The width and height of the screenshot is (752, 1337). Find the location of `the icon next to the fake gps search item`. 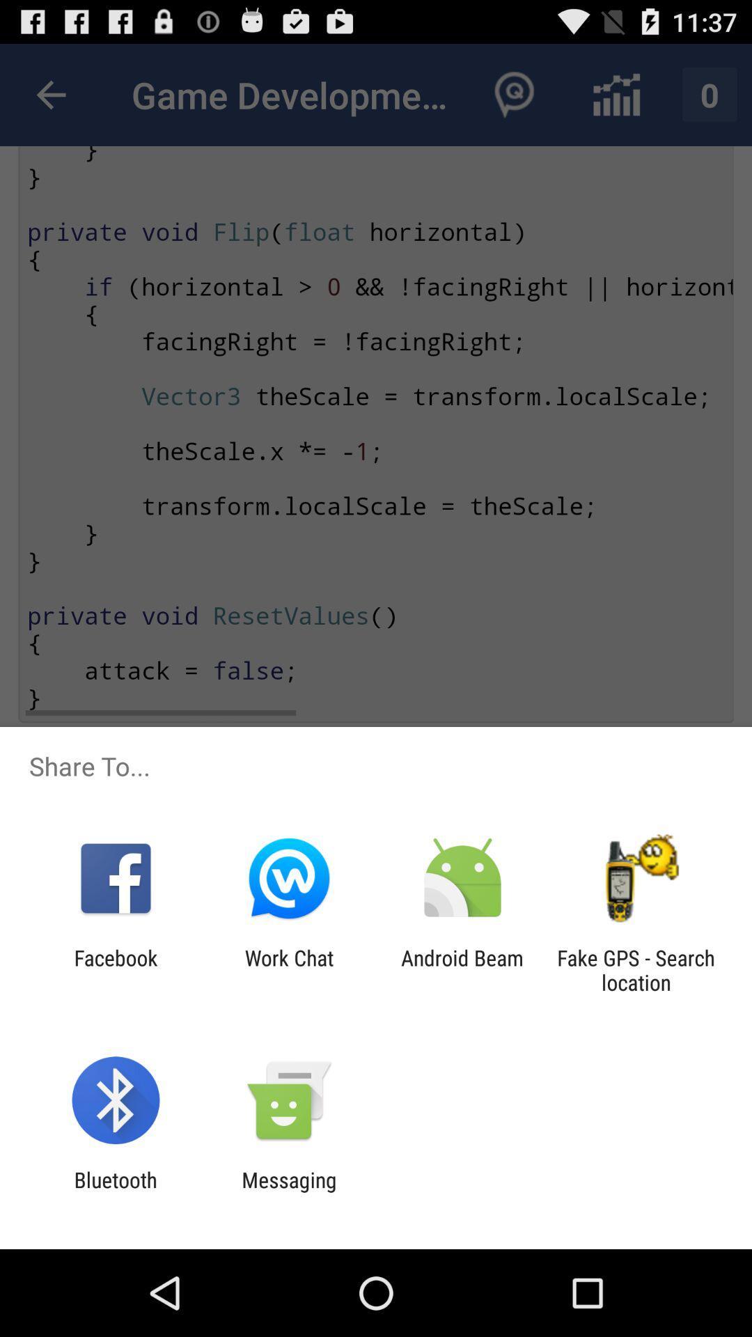

the icon next to the fake gps search item is located at coordinates (462, 969).